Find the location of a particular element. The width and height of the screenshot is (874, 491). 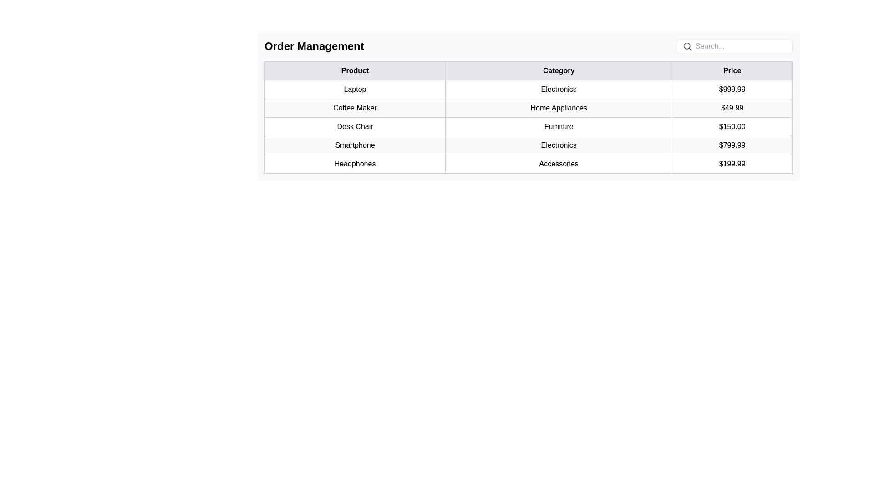

the static text field displaying 'Coffee Maker' located in the second row of the table under the 'Product' column is located at coordinates (355, 108).